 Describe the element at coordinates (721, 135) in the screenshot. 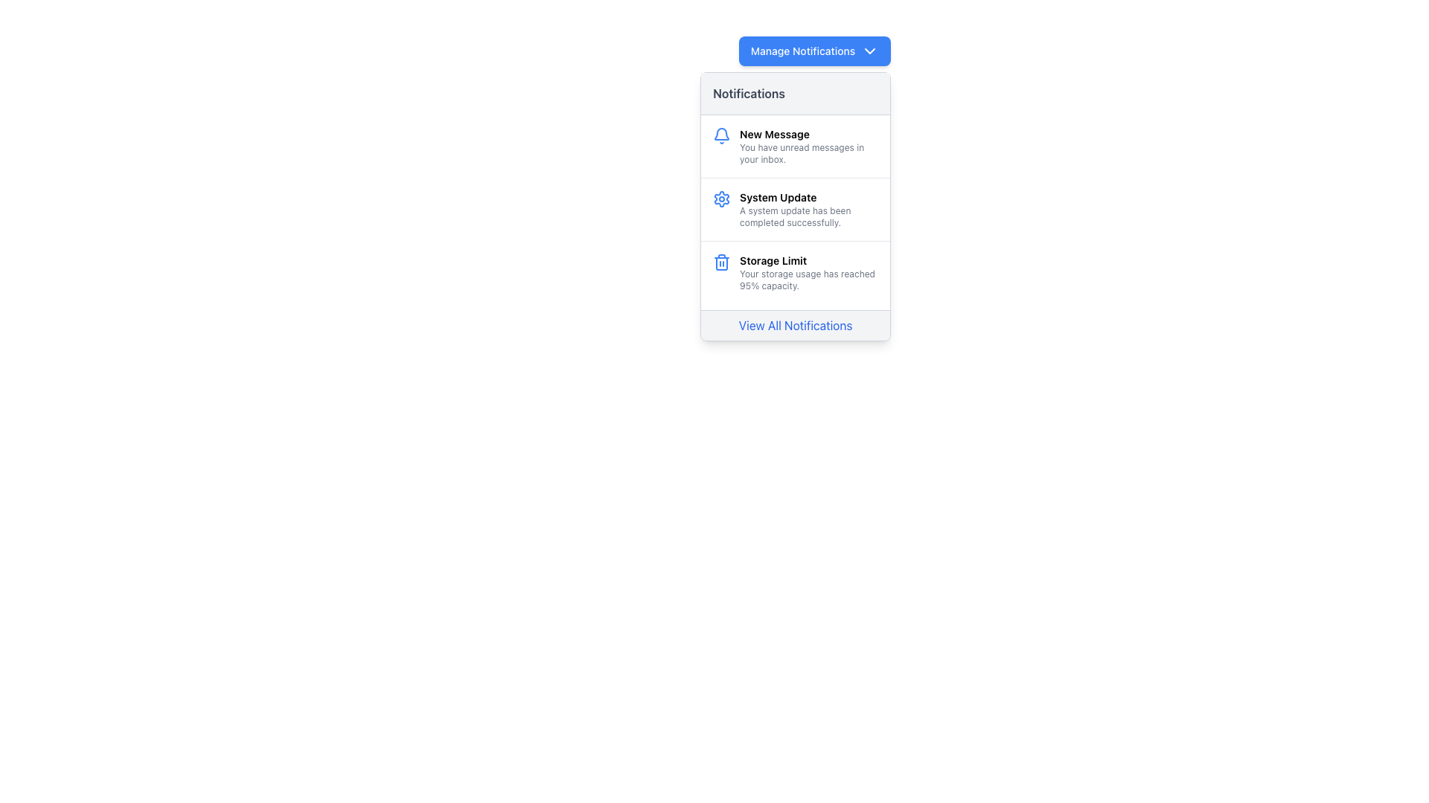

I see `the blue bell icon with a thin, outlined design located next to the 'New Message' text in the top-left corner of the notification box` at that location.